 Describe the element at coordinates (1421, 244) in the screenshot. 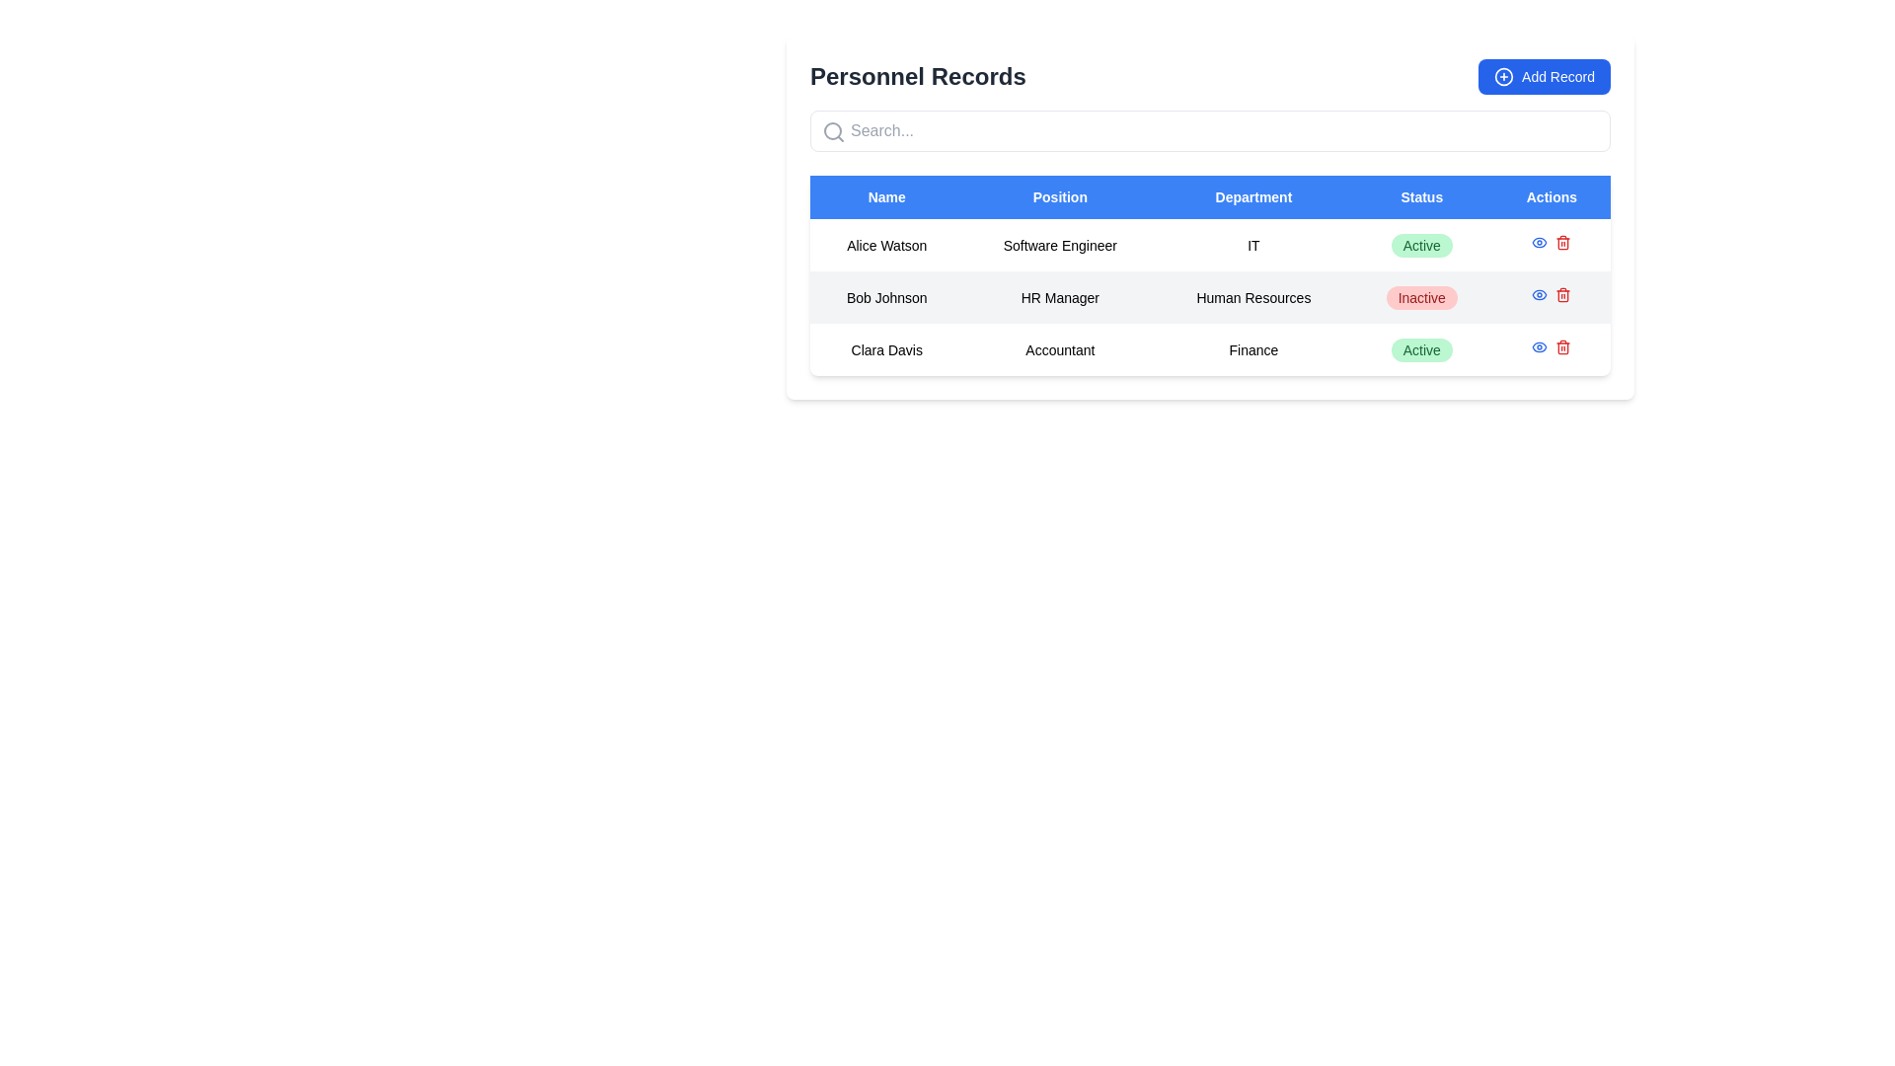

I see `the 'Active' badge label displayed in green on a light green background, located under the 'Status' column in the first row of the table` at that location.